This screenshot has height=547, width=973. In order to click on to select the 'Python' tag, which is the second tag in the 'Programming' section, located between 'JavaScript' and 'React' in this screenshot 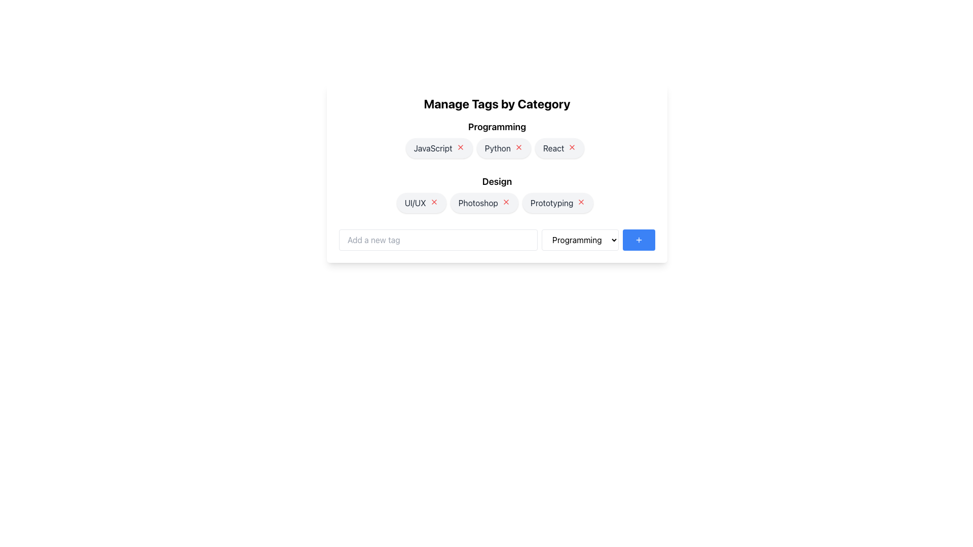, I will do `click(504, 148)`.